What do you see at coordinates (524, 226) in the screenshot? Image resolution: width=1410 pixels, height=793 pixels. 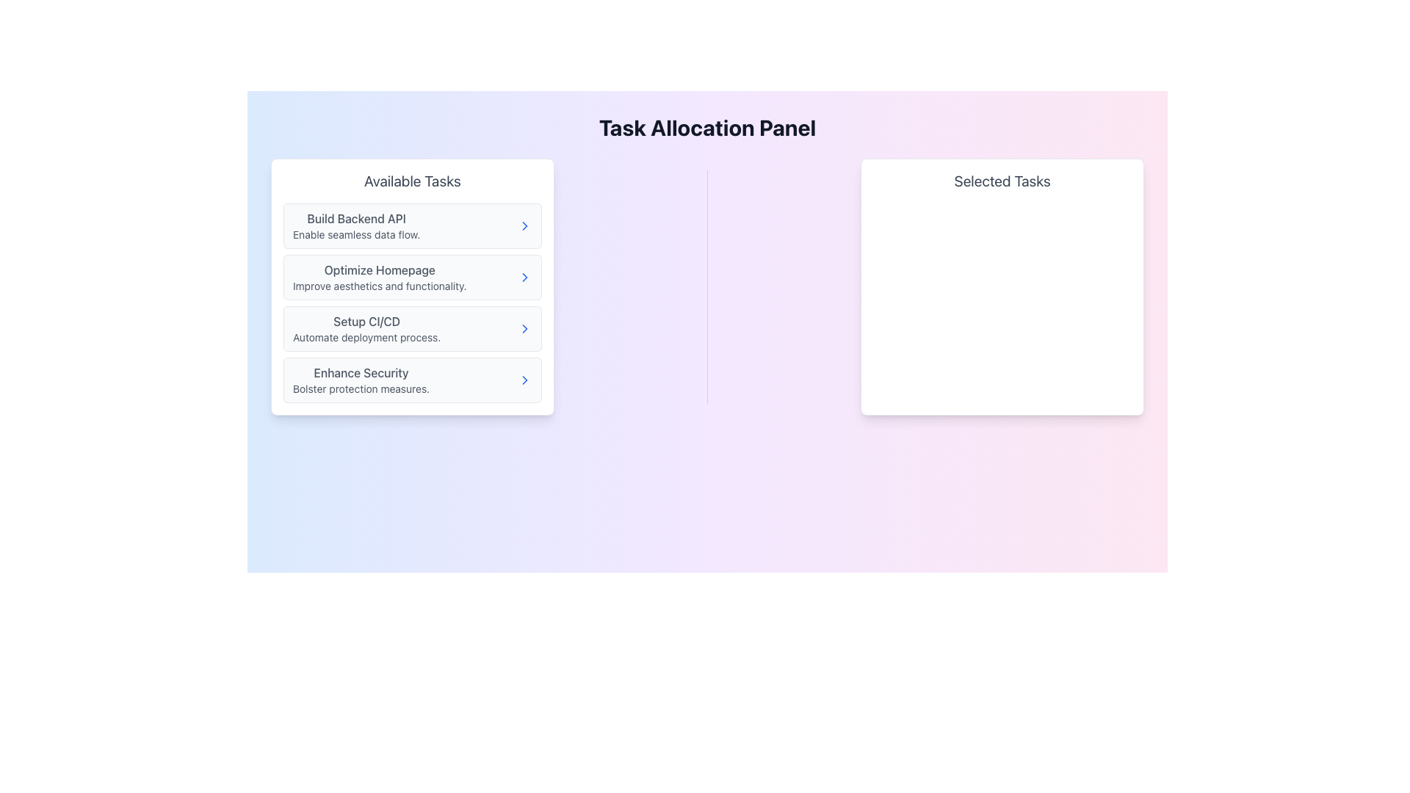 I see `the chevron icon located at the rightmost position of the 'Build Backend API' task item in the 'Available Tasks' panel` at bounding box center [524, 226].